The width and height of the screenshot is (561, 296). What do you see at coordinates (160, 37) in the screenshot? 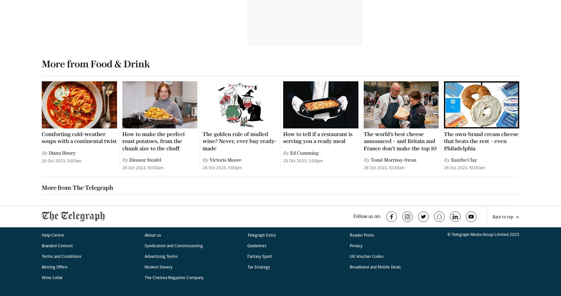
I see `'Advertising Terms'` at bounding box center [160, 37].